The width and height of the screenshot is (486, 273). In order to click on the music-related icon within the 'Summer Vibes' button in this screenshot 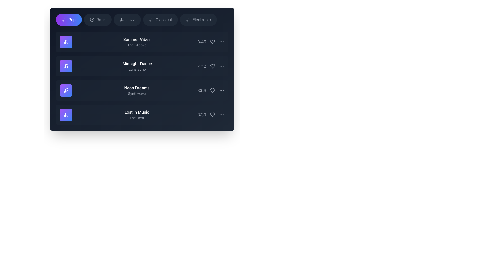, I will do `click(66, 41)`.